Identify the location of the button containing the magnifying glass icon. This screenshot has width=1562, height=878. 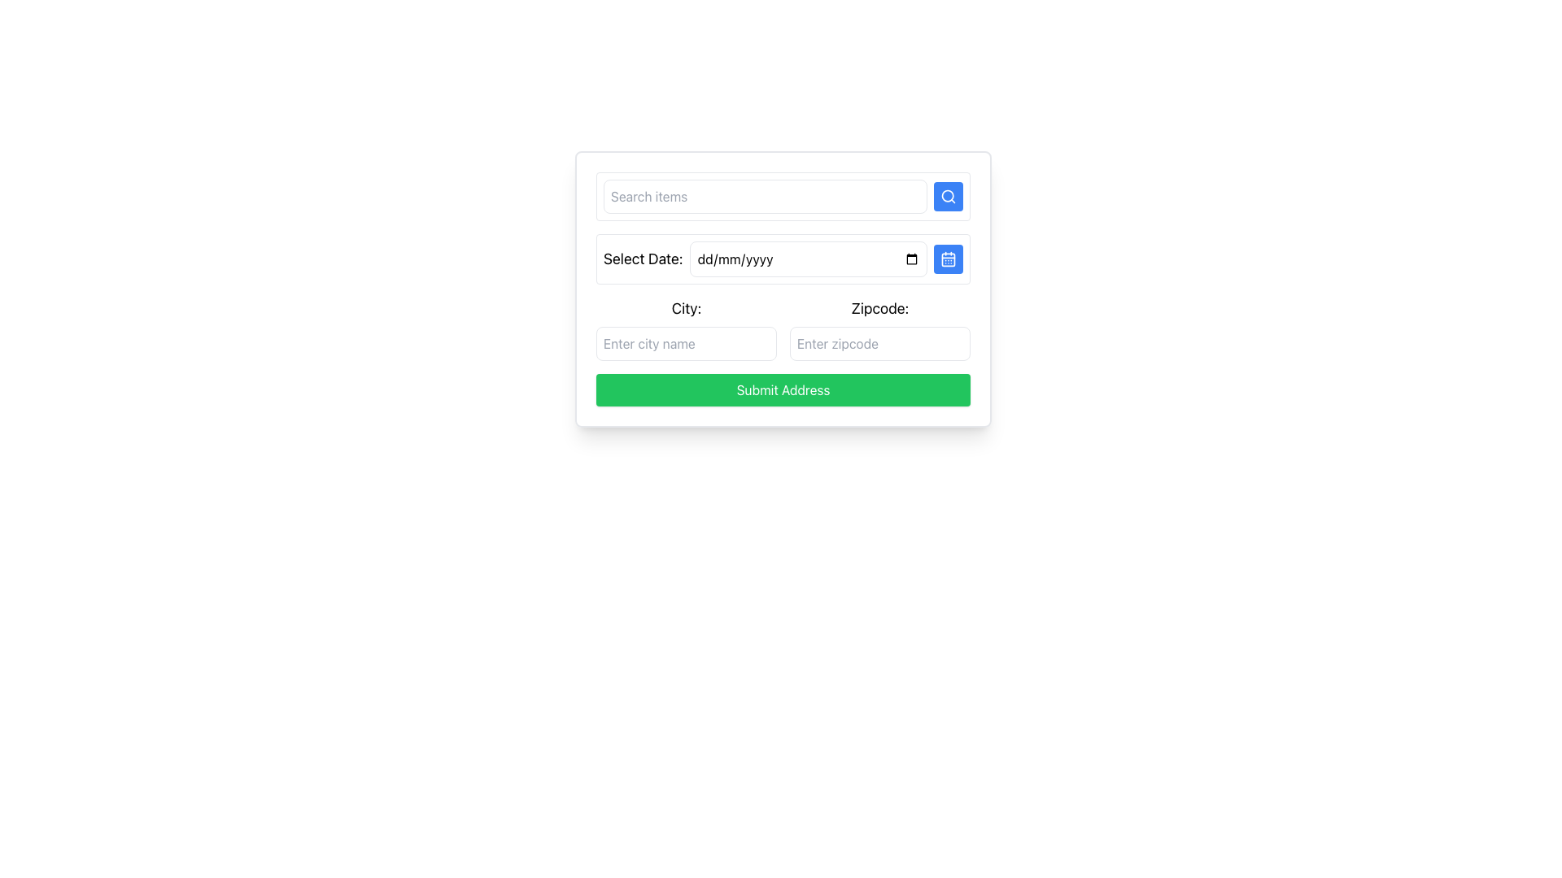
(949, 196).